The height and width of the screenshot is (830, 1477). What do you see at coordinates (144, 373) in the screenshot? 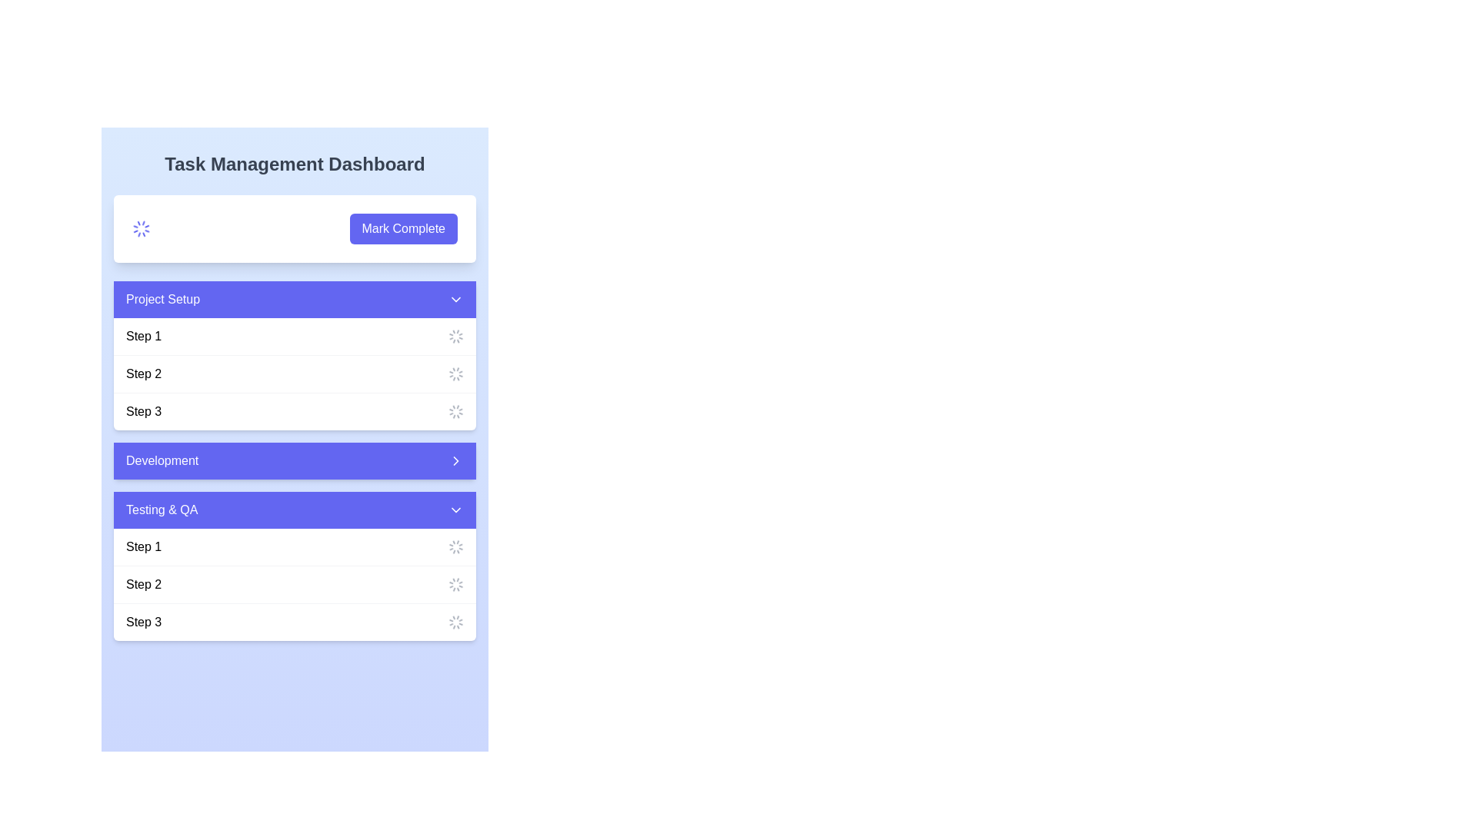
I see `the text label that reads 'Step 2', which is the second label in the 'Project Setup' section, visually distinct and aligned with other similar labels` at bounding box center [144, 373].